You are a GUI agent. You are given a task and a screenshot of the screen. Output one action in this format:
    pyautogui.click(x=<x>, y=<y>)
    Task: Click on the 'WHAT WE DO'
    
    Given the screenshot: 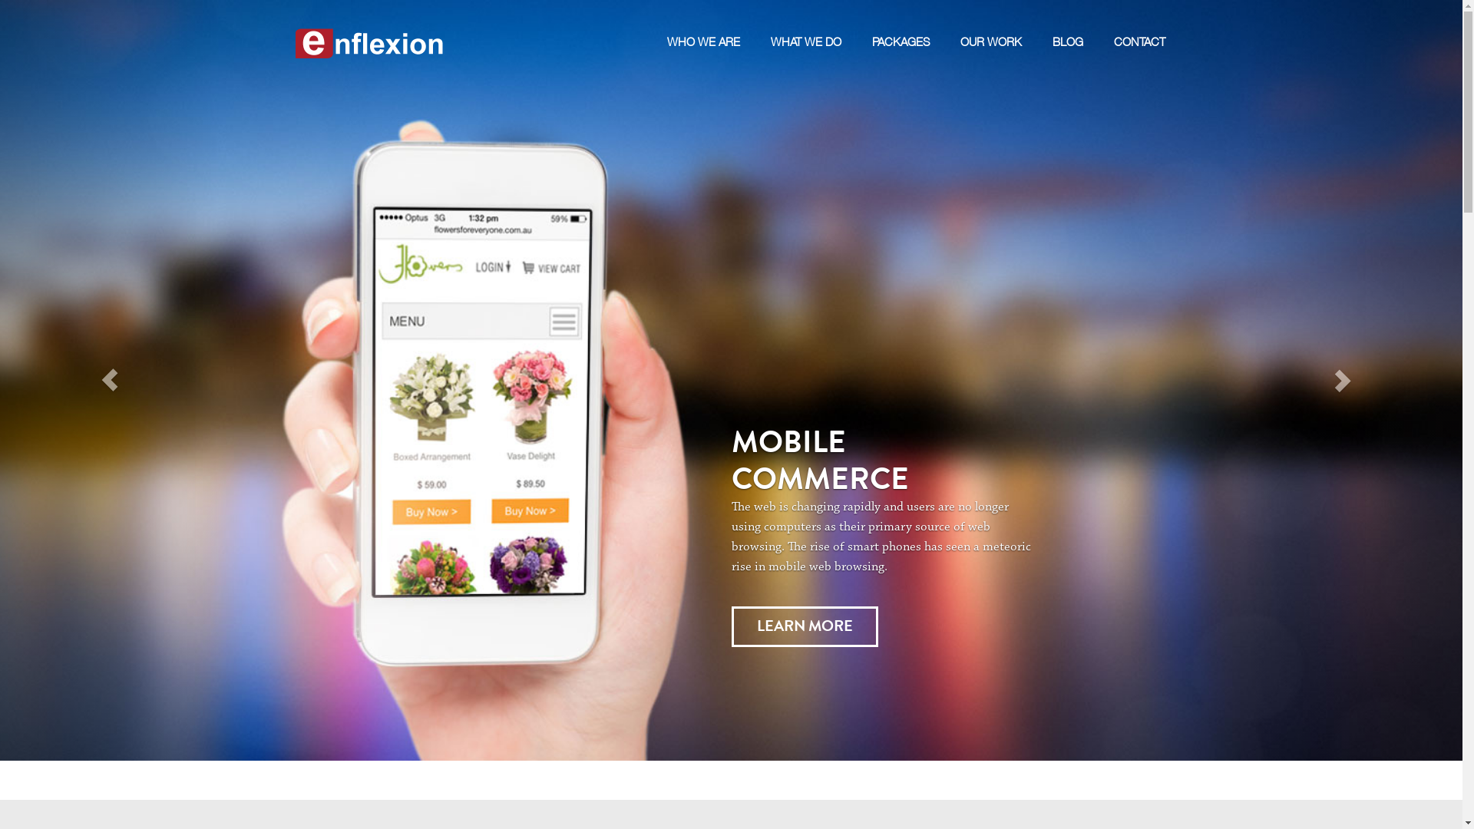 What is the action you would take?
    pyautogui.click(x=770, y=25)
    